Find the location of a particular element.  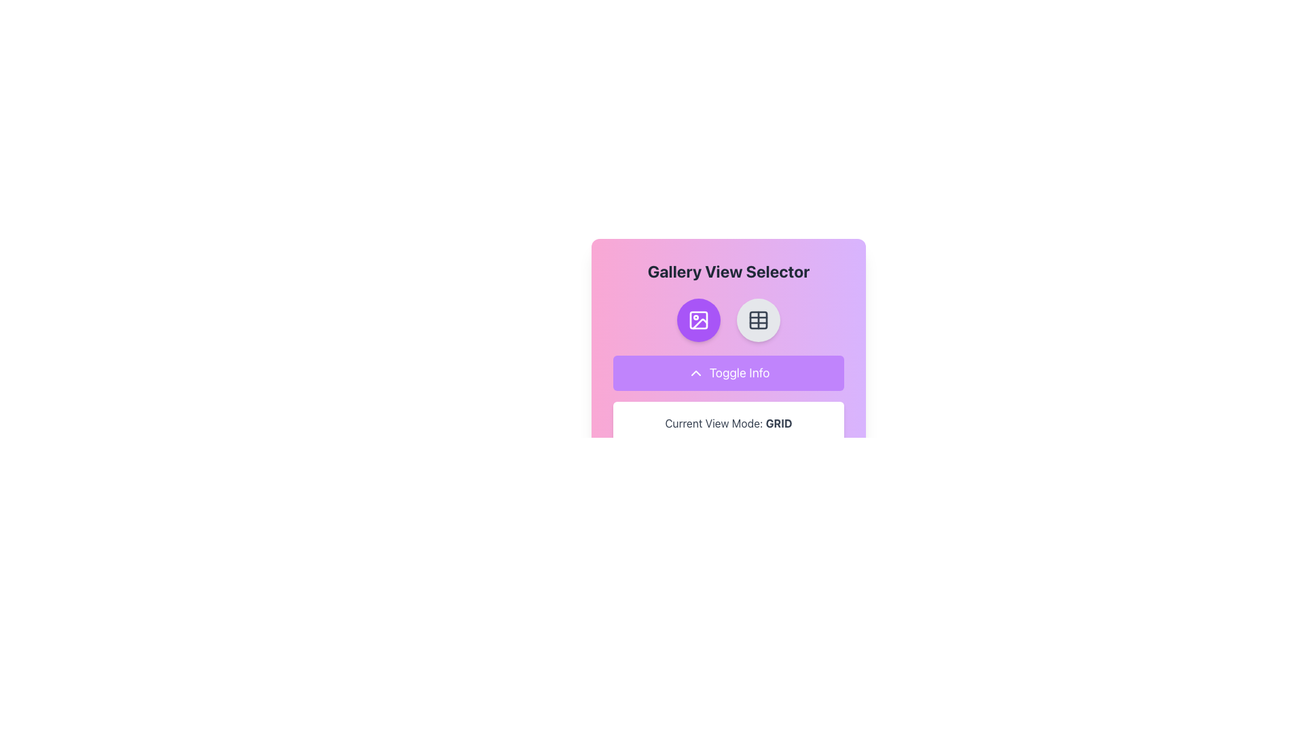

the leftmost circular icon button below the 'Gallery View Selector' heading is located at coordinates (698, 320).